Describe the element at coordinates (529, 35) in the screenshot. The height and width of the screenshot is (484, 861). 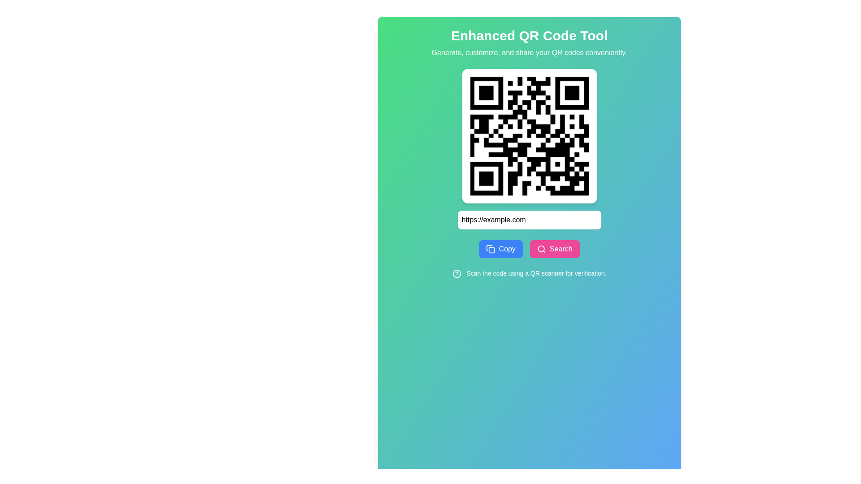
I see `the title/header element that indicates the primary purpose of the application, which is an enhanced QR code tool` at that location.